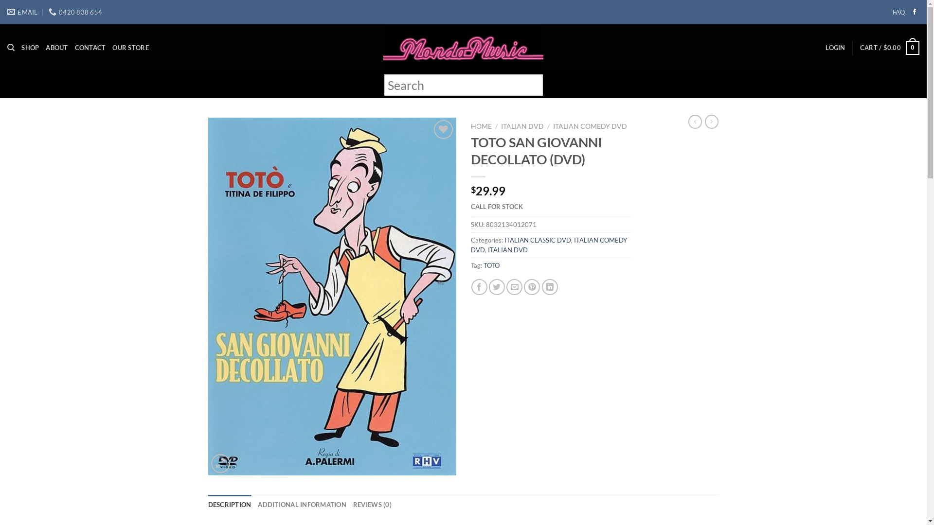  What do you see at coordinates (481, 125) in the screenshot?
I see `'HOME'` at bounding box center [481, 125].